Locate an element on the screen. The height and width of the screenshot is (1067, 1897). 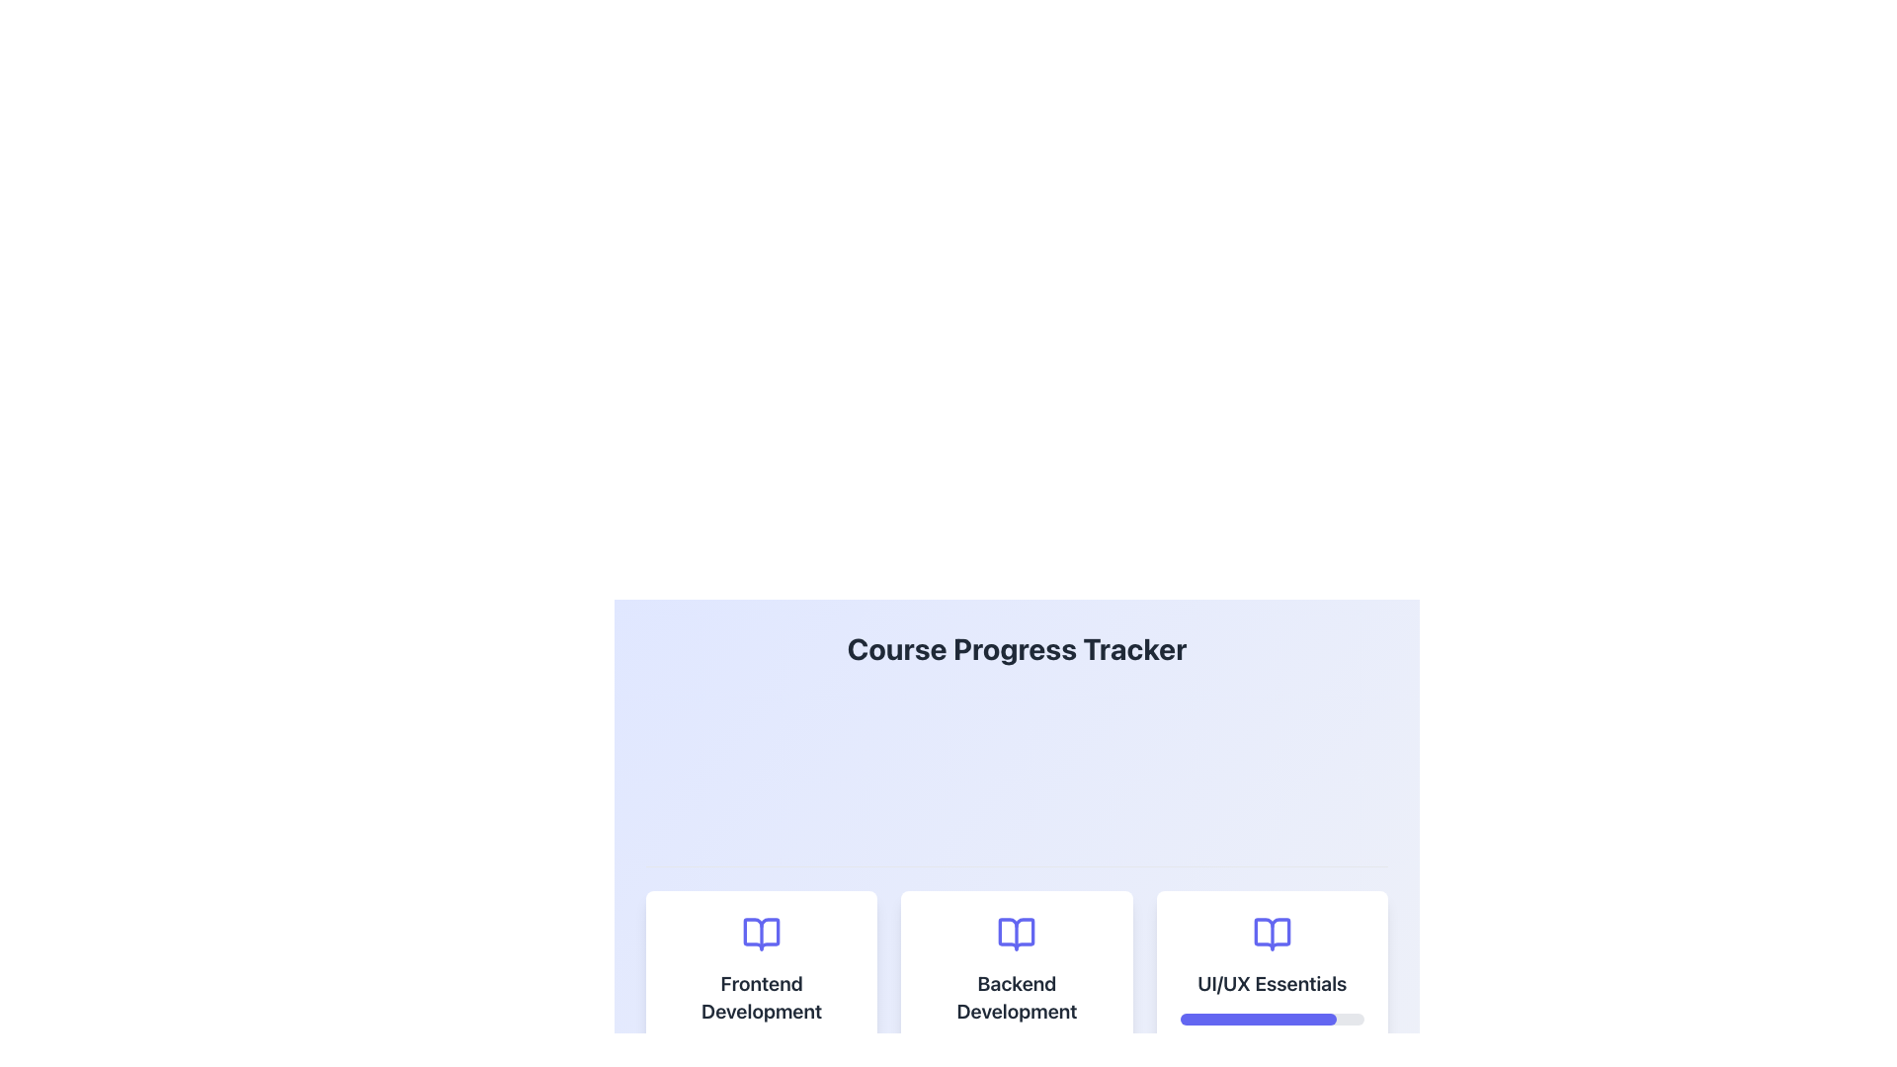
the text element displaying 'UI/UX Essentials' in a bold, large-size font, located in the upper part of the third card from the left in the 'Course Progress Tracker' section is located at coordinates (1272, 983).